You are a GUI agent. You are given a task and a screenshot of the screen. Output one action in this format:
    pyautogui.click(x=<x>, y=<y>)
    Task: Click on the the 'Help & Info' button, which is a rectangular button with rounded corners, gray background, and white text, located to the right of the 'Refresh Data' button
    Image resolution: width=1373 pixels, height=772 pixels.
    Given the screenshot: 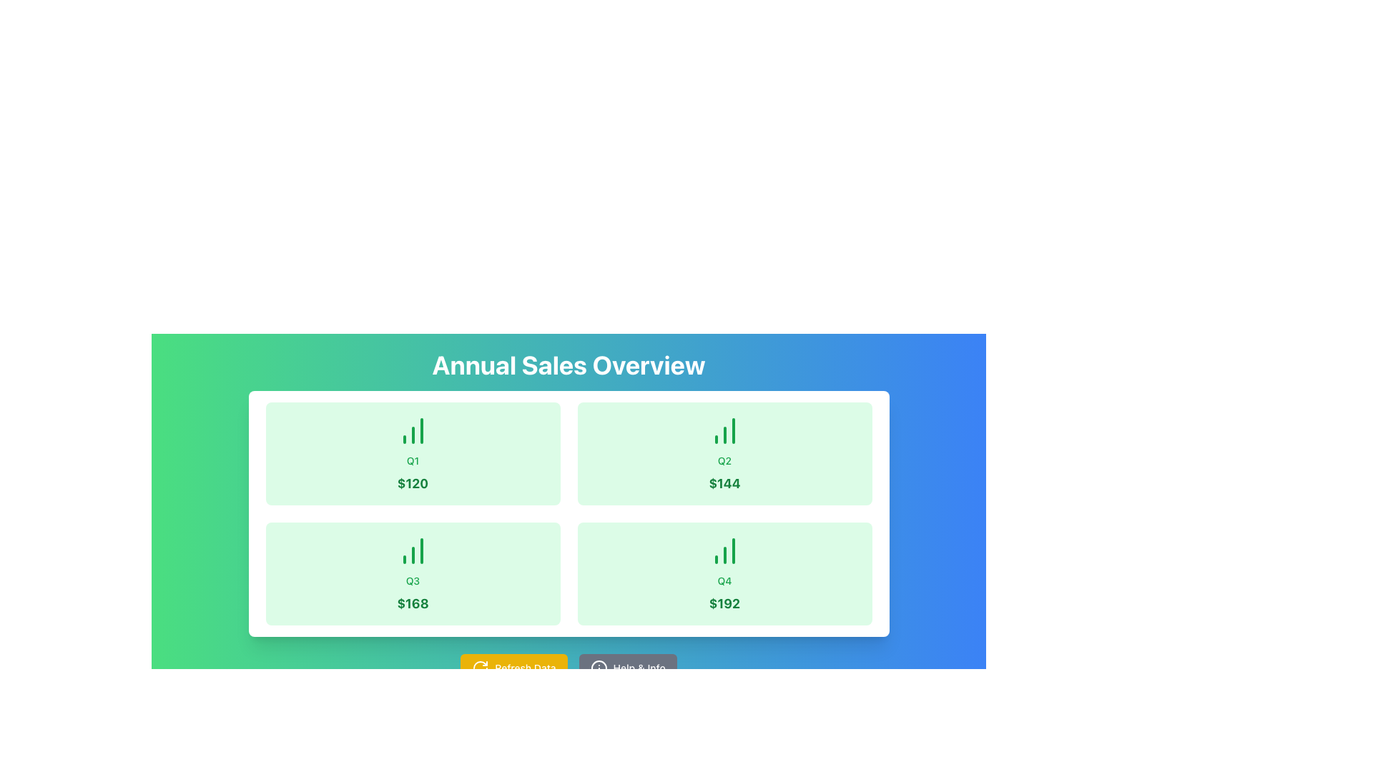 What is the action you would take?
    pyautogui.click(x=628, y=668)
    